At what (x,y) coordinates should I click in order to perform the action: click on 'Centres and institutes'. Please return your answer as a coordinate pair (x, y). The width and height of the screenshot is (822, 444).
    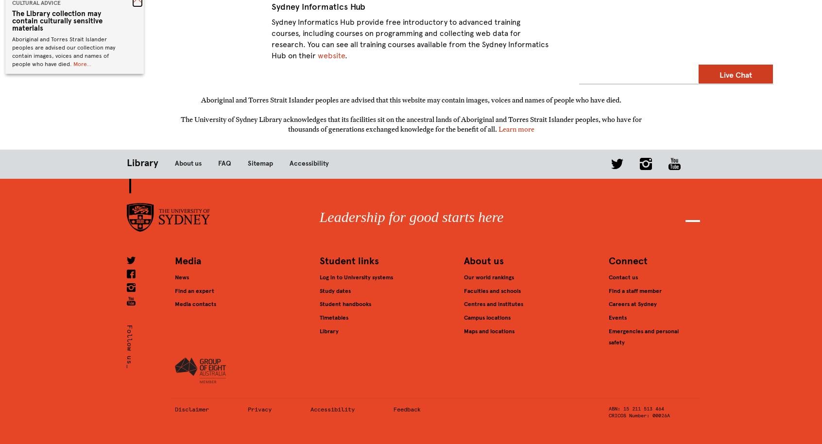
    Looking at the image, I should click on (493, 303).